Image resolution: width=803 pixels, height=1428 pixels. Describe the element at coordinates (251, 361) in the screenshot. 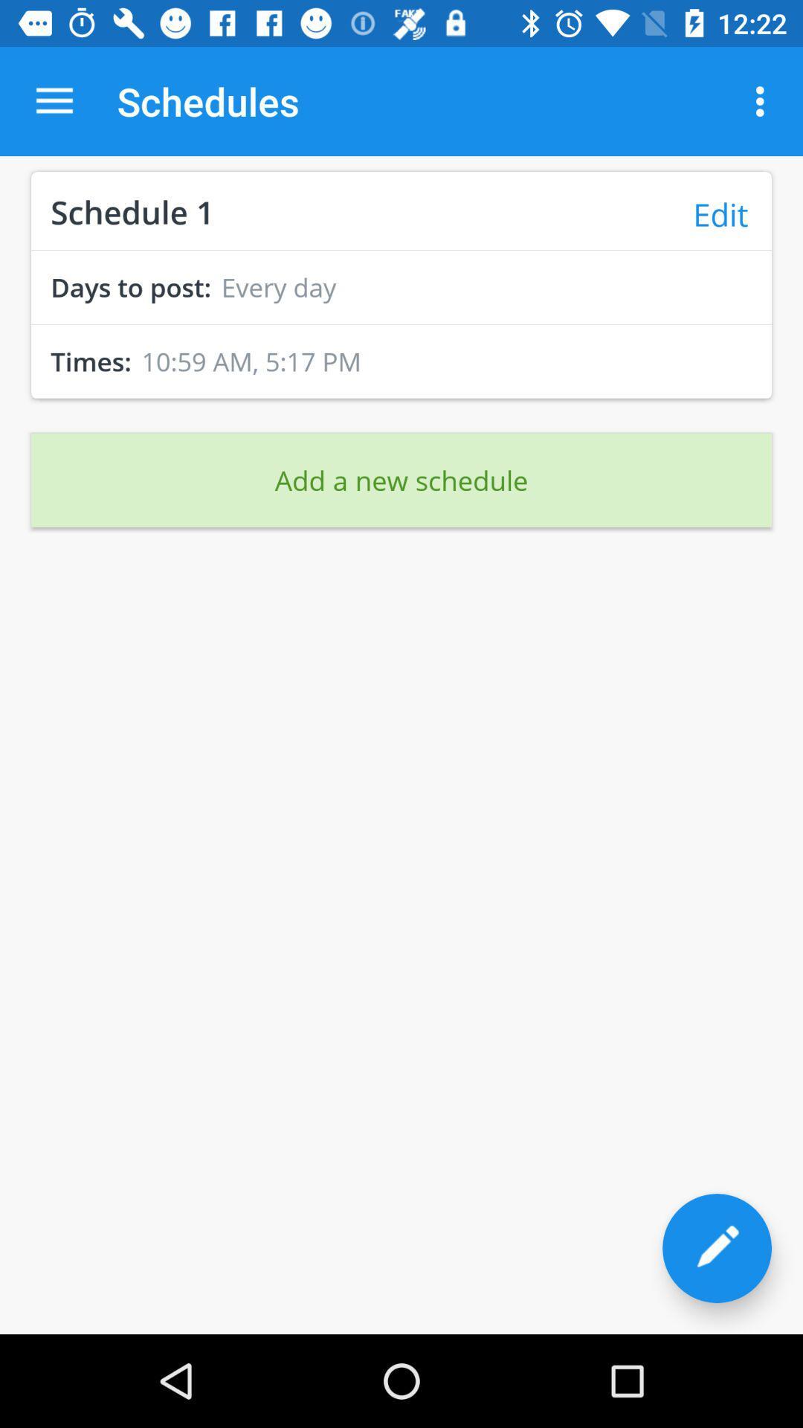

I see `the icon next to the times:` at that location.